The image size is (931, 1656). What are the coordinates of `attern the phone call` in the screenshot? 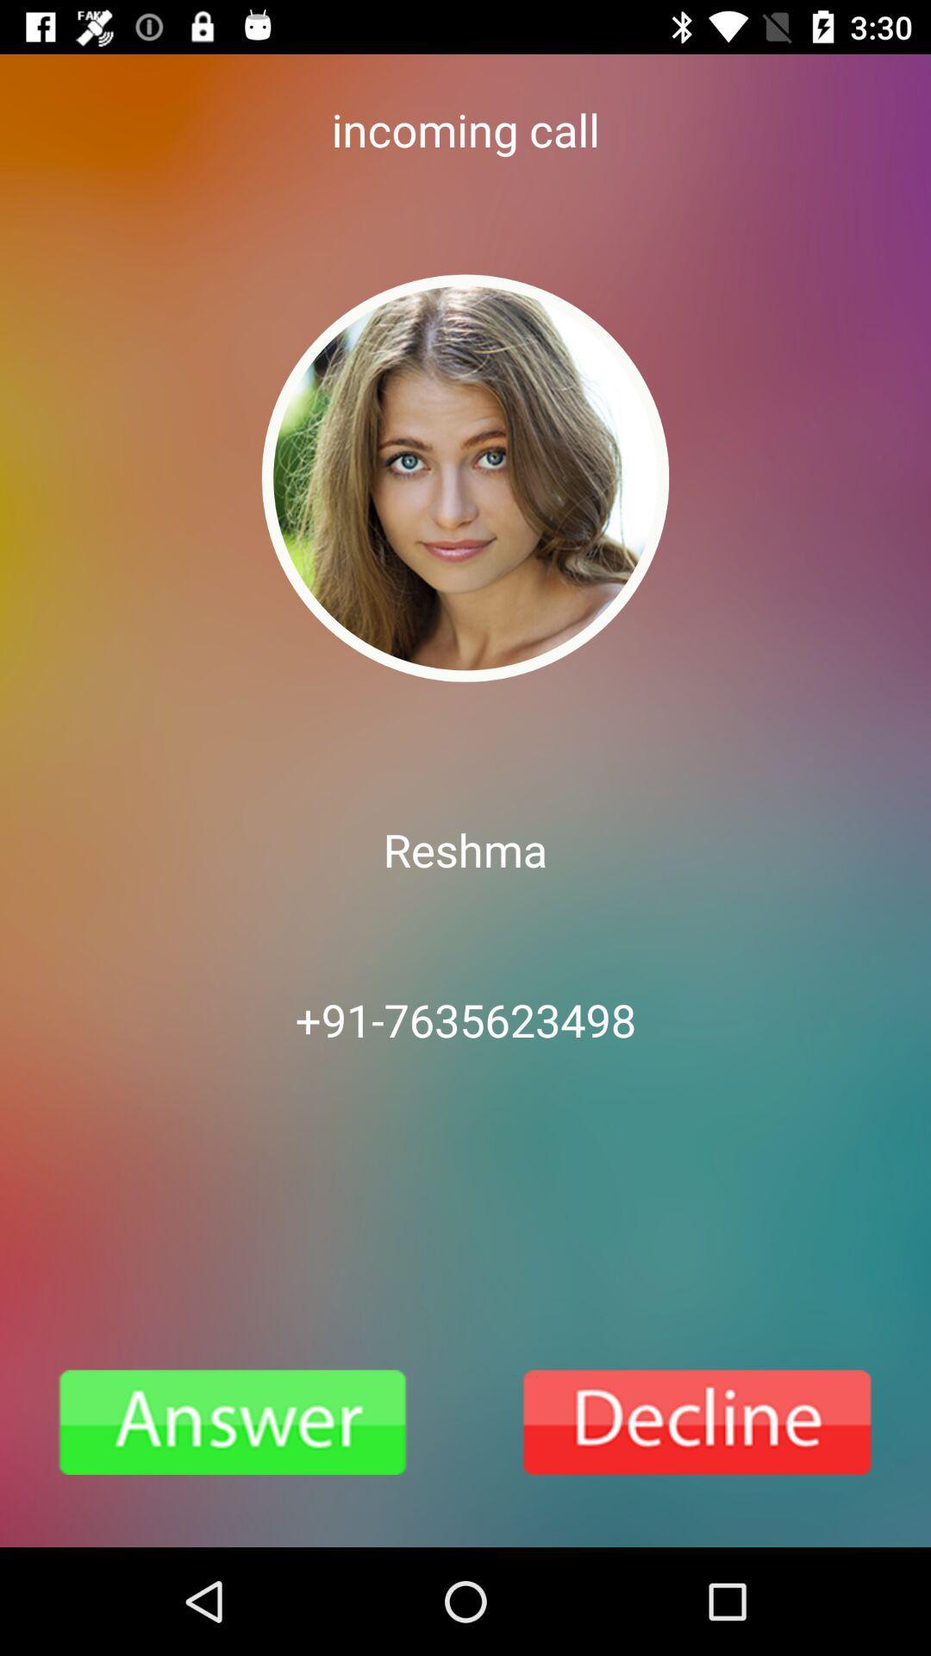 It's located at (233, 1422).